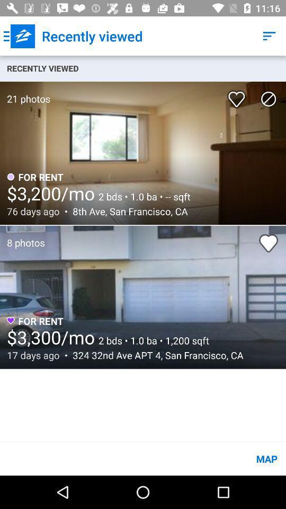 The width and height of the screenshot is (286, 509). Describe the element at coordinates (155, 355) in the screenshot. I see `icon below the $3,300/mo icon` at that location.